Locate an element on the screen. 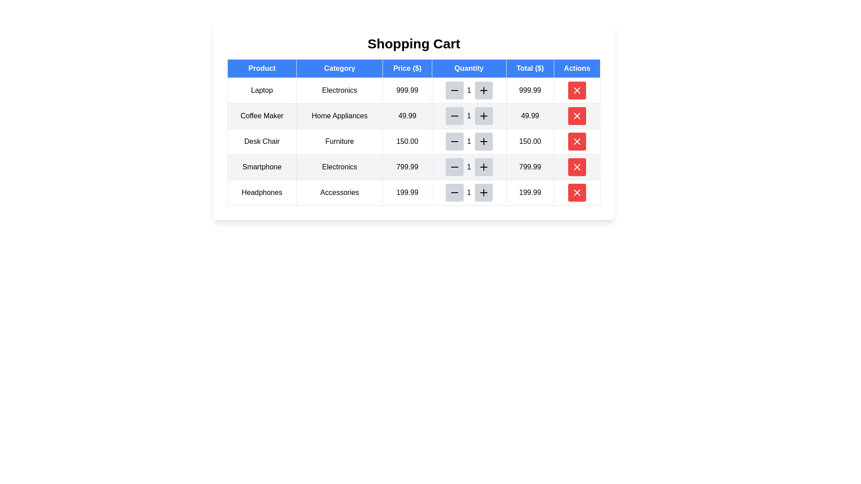 Image resolution: width=861 pixels, height=484 pixels. the 'X' icon on the red circular button in the 'Actions' column, fourth row is located at coordinates (577, 141).